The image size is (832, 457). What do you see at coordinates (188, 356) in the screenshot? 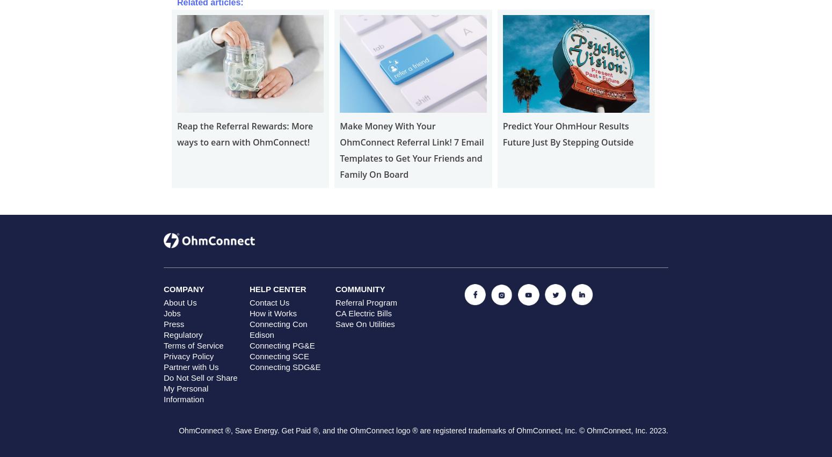
I see `'Privacy Policy'` at bounding box center [188, 356].